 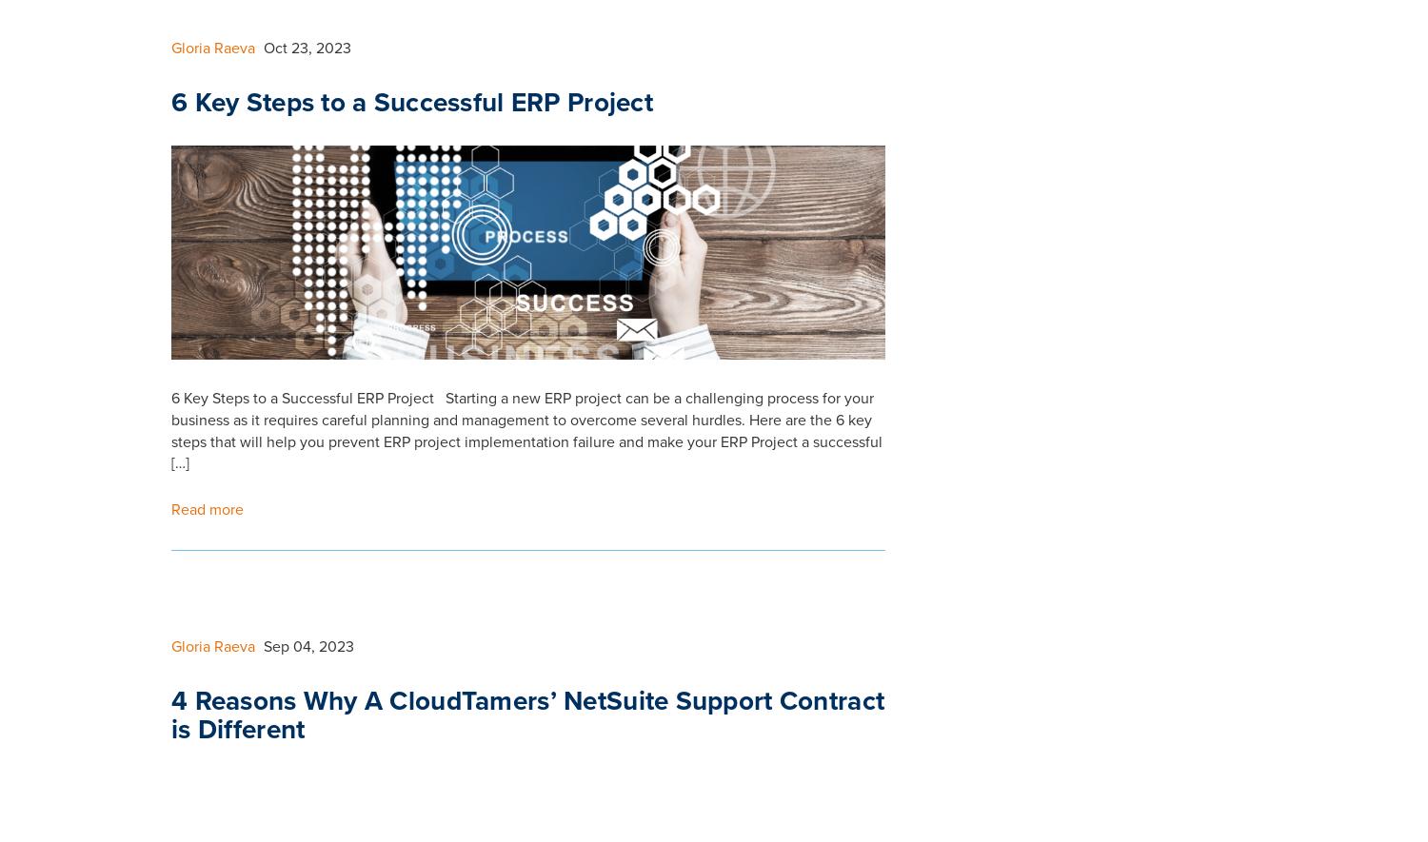 What do you see at coordinates (308, 63) in the screenshot?
I see `'Aug 08, 2023'` at bounding box center [308, 63].